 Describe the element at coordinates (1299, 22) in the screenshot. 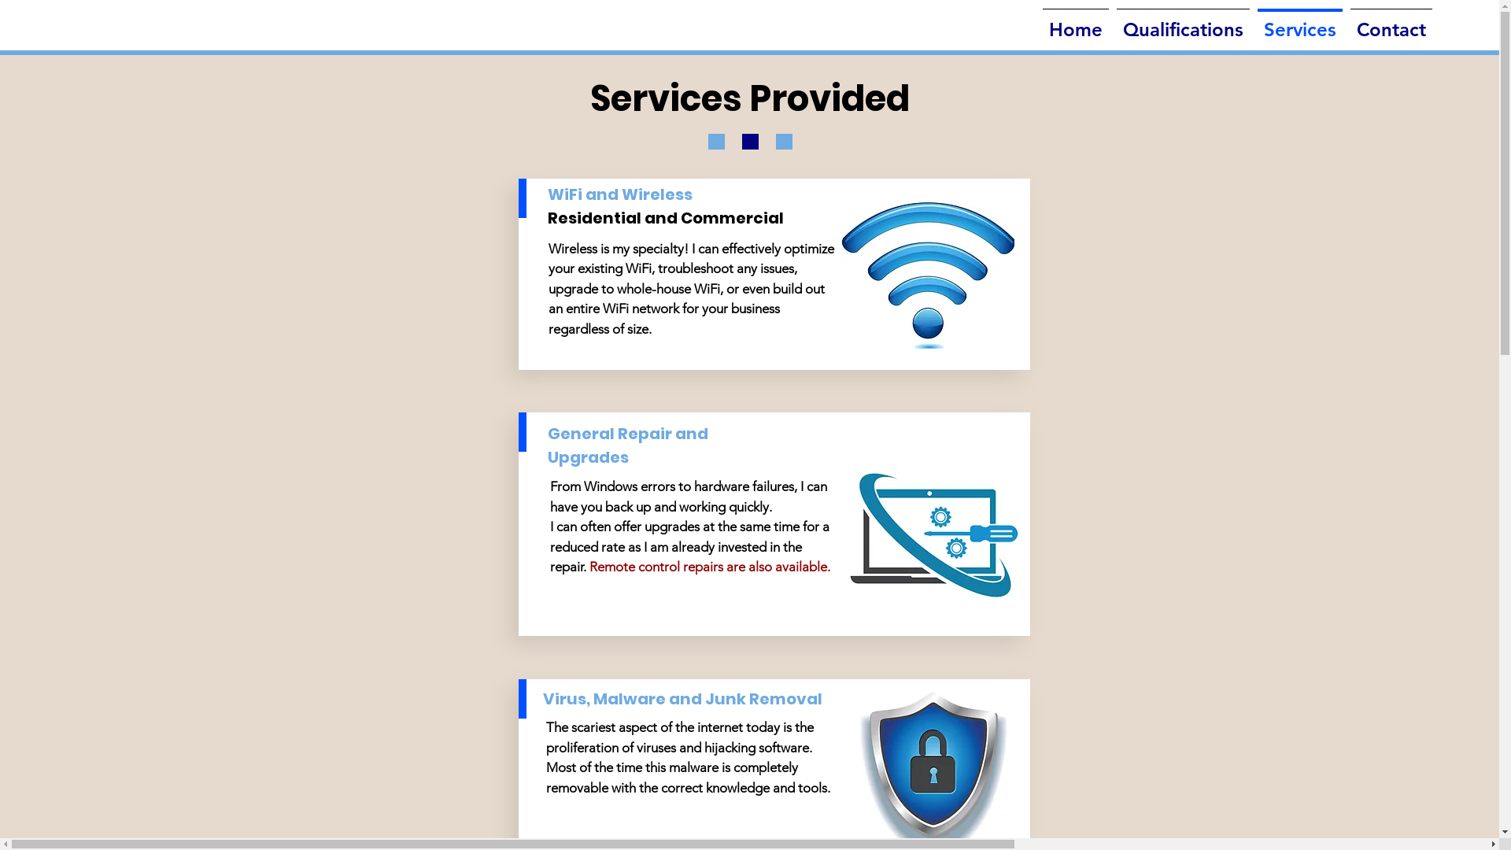

I see `'Services'` at that location.